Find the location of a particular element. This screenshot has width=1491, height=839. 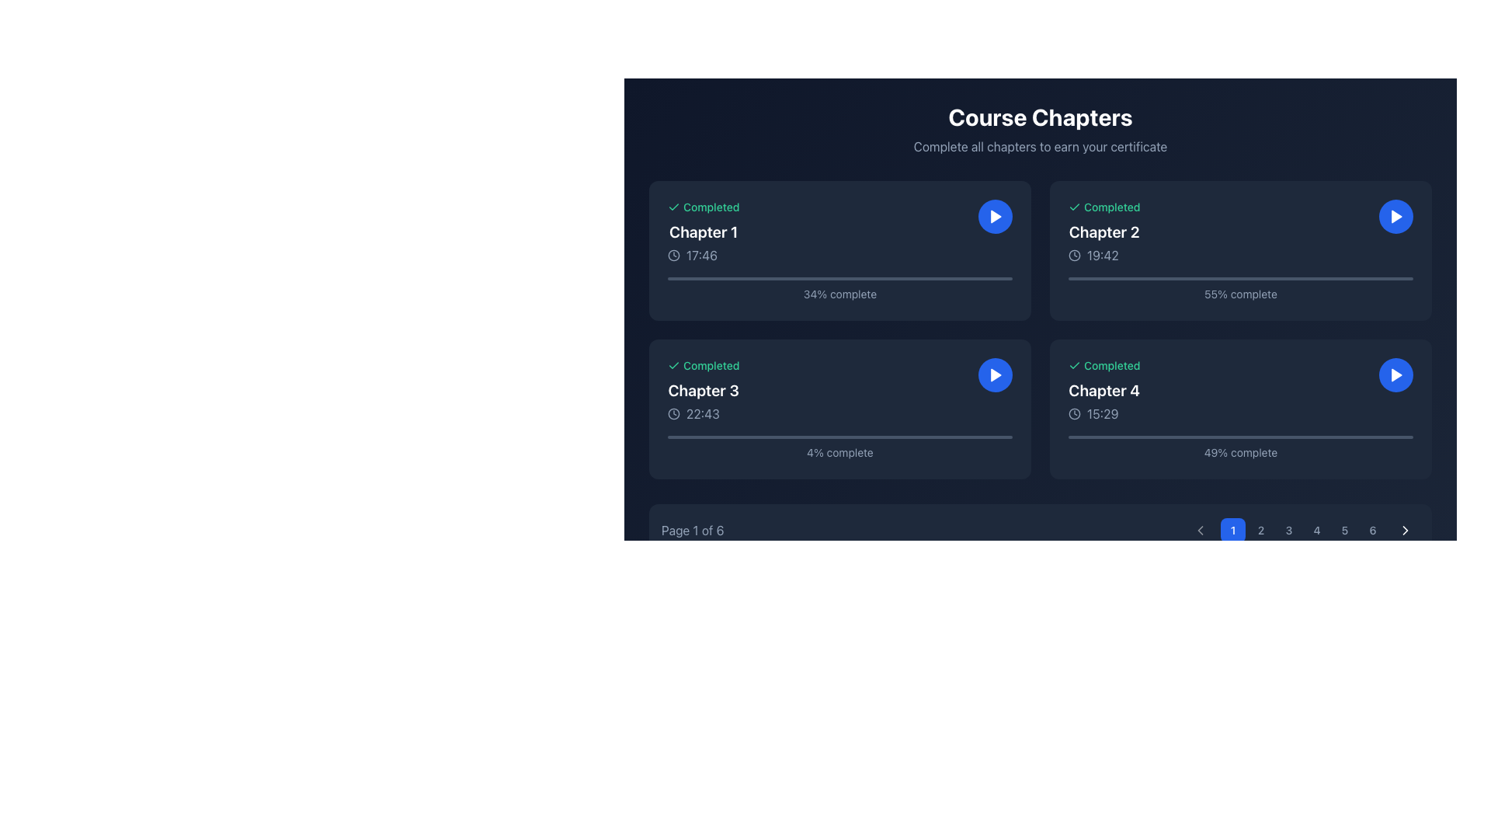

the leftmost navigation icon at the bottom-right corner of the interface is located at coordinates (1199, 529).